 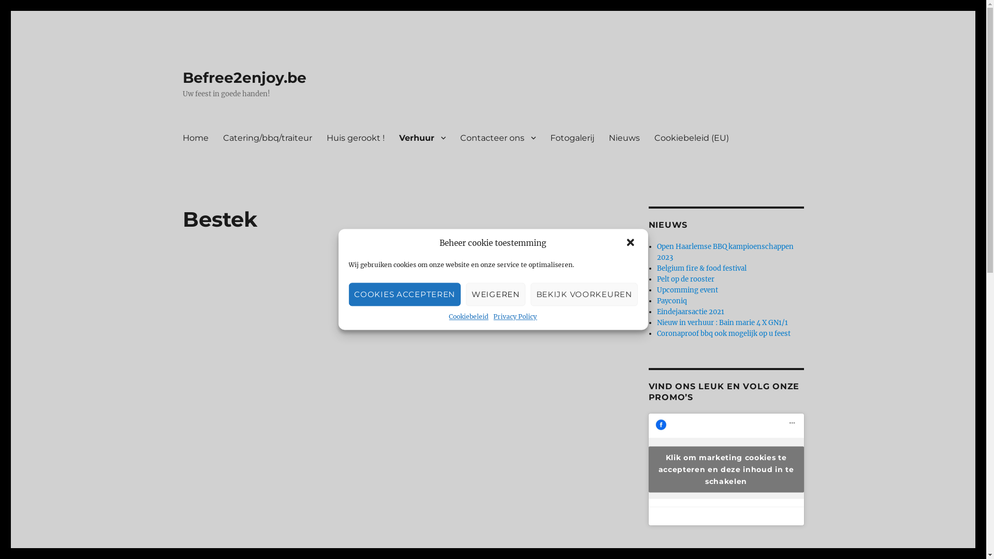 I want to click on 'Coronaproof bbq ook mogelijk op u feest', so click(x=723, y=333).